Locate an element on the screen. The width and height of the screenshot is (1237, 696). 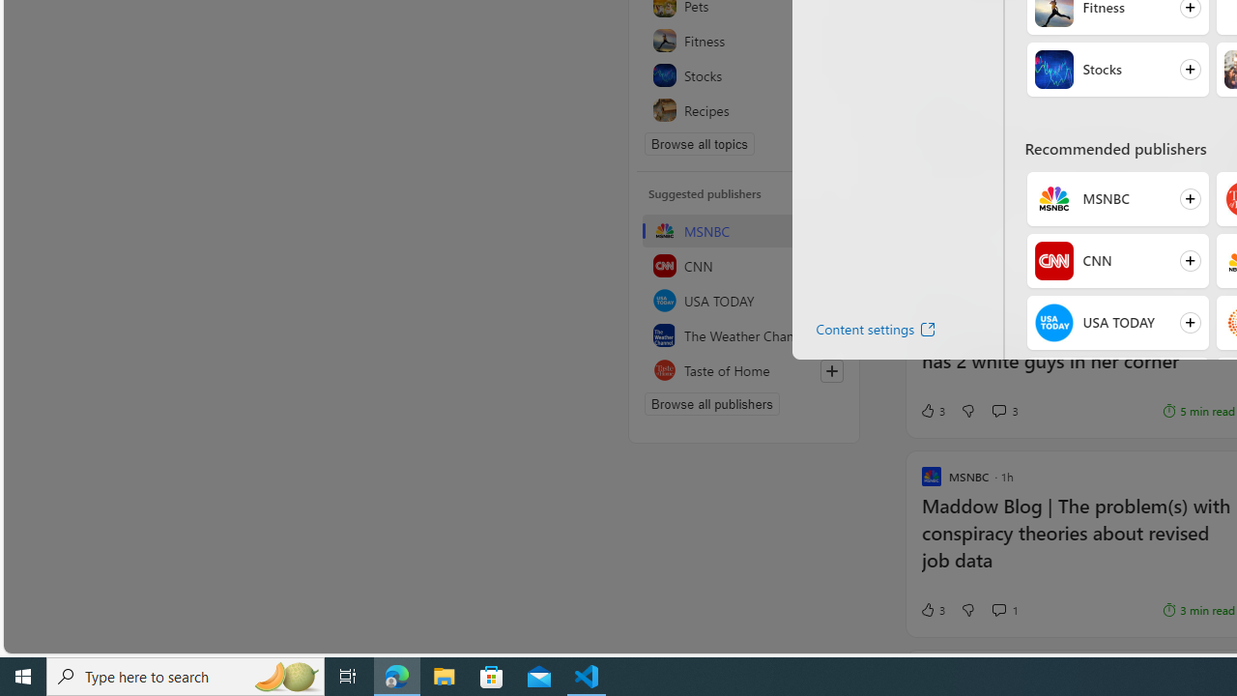
'The Weather Channel' is located at coordinates (743, 334).